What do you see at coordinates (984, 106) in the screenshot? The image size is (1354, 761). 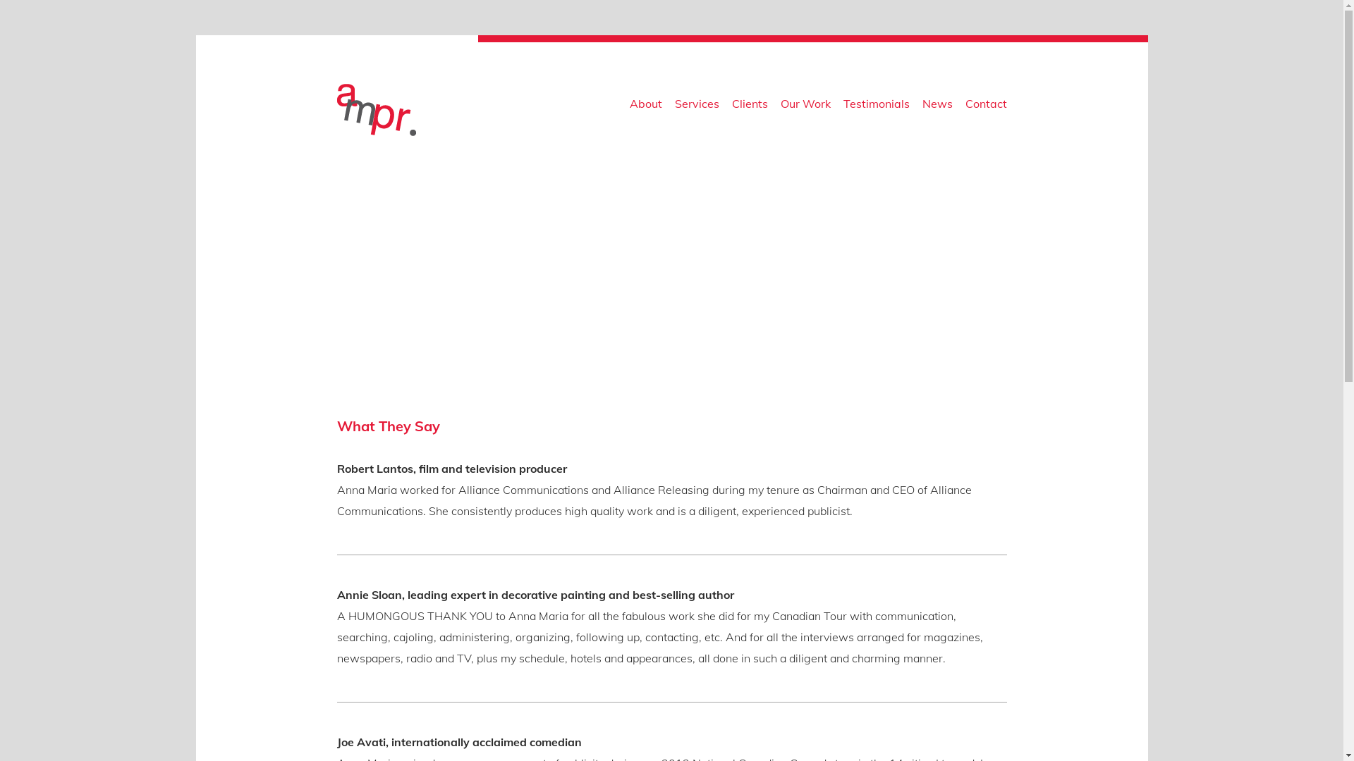 I see `'Contact'` at bounding box center [984, 106].